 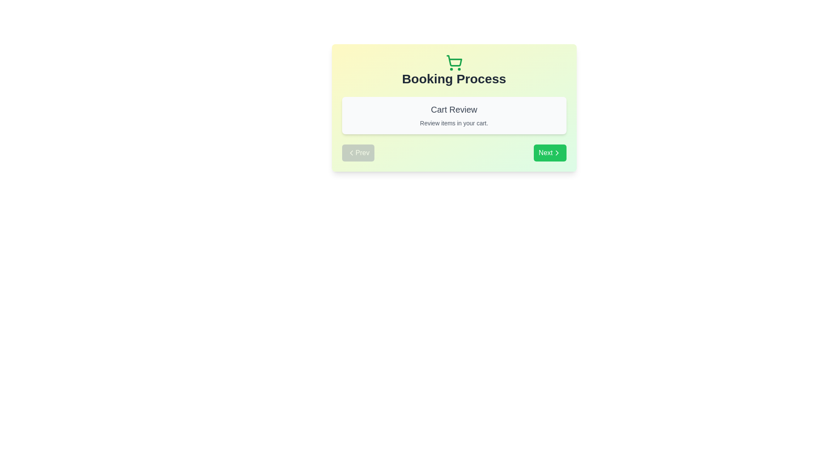 What do you see at coordinates (557, 152) in the screenshot?
I see `the chevron-shaped vector graphic resembling a rightward-pointing arrow, which is part of the 'Next' button in the bottom right region of the interface` at bounding box center [557, 152].